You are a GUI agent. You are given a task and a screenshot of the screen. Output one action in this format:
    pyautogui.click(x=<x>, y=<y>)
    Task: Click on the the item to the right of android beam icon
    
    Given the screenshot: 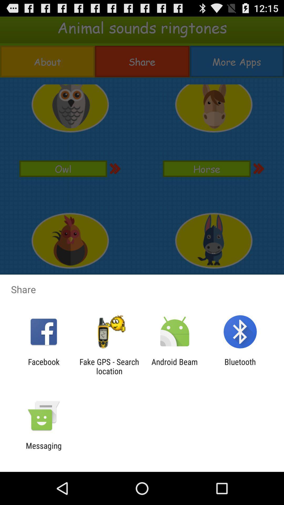 What is the action you would take?
    pyautogui.click(x=240, y=366)
    